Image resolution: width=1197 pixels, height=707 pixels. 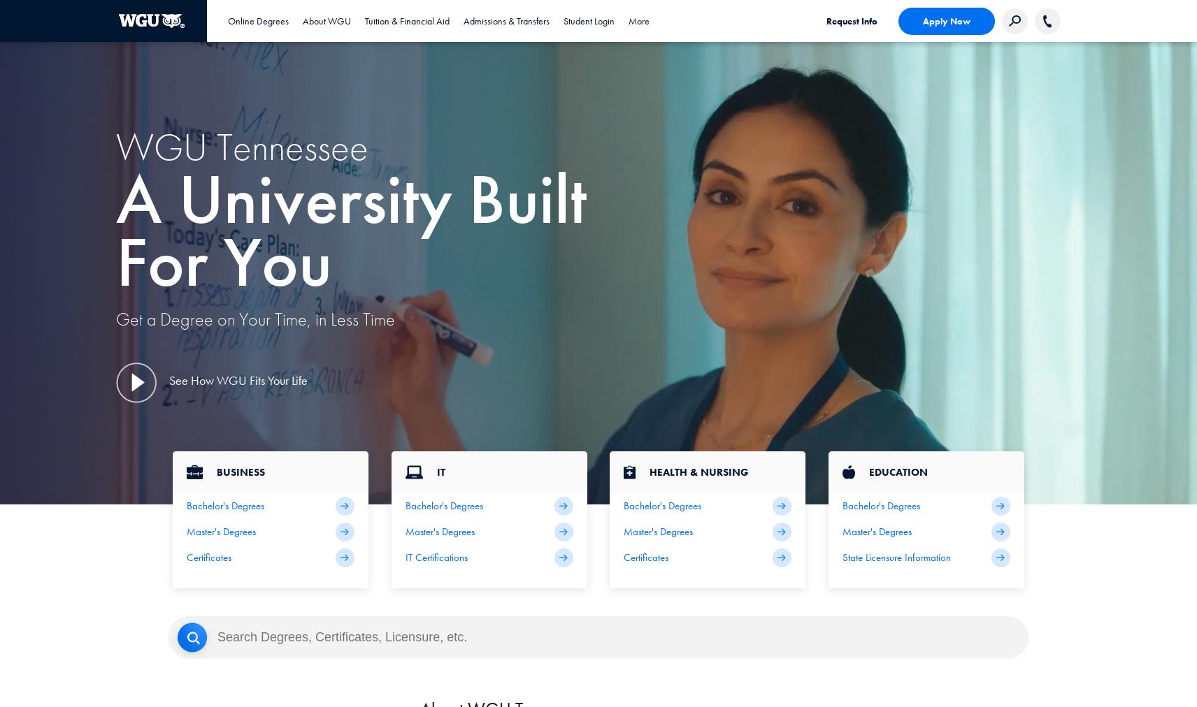 What do you see at coordinates (241, 472) in the screenshot?
I see `'BUSINESS'` at bounding box center [241, 472].